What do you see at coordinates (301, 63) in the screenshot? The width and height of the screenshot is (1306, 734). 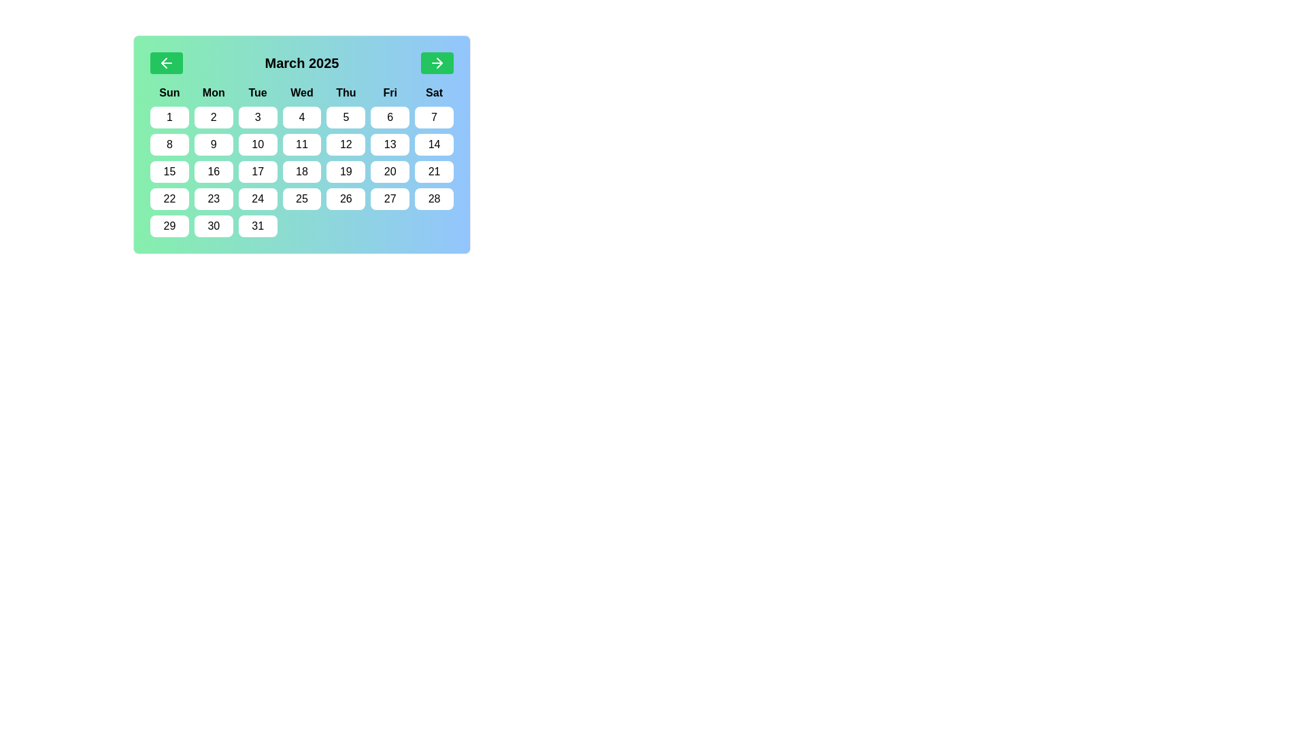 I see `the bold text reading 'March 2025' in the header section of the calendar interface` at bounding box center [301, 63].